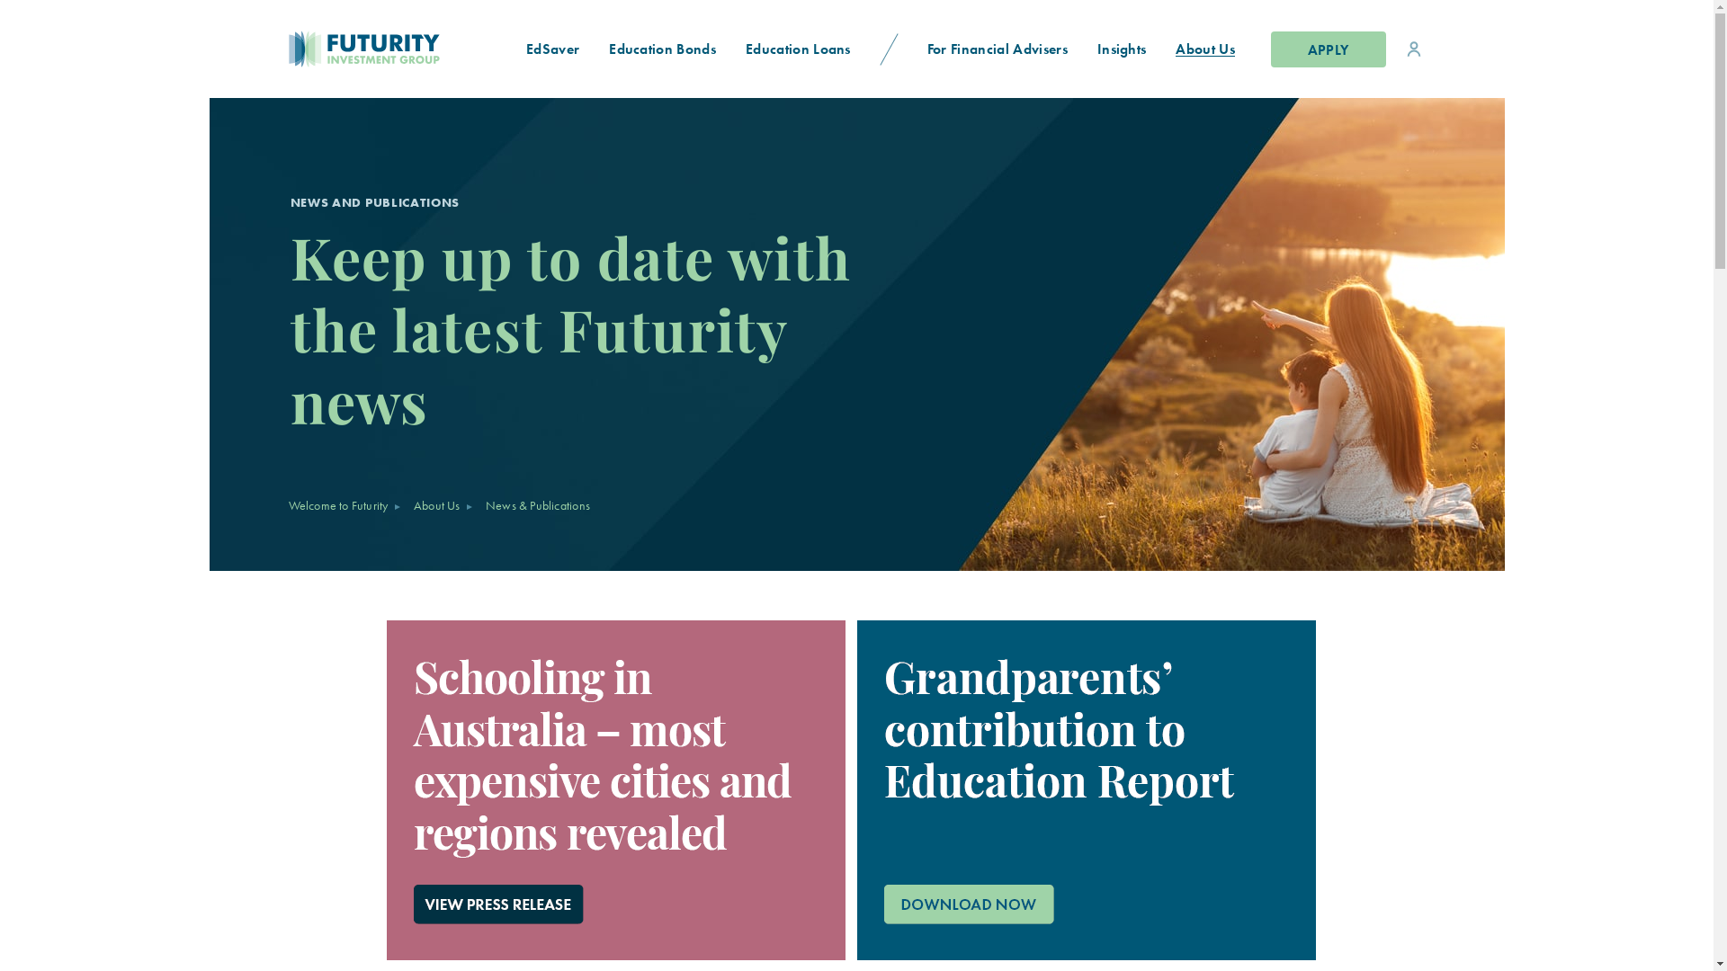  I want to click on 'Education Bonds', so click(662, 48).